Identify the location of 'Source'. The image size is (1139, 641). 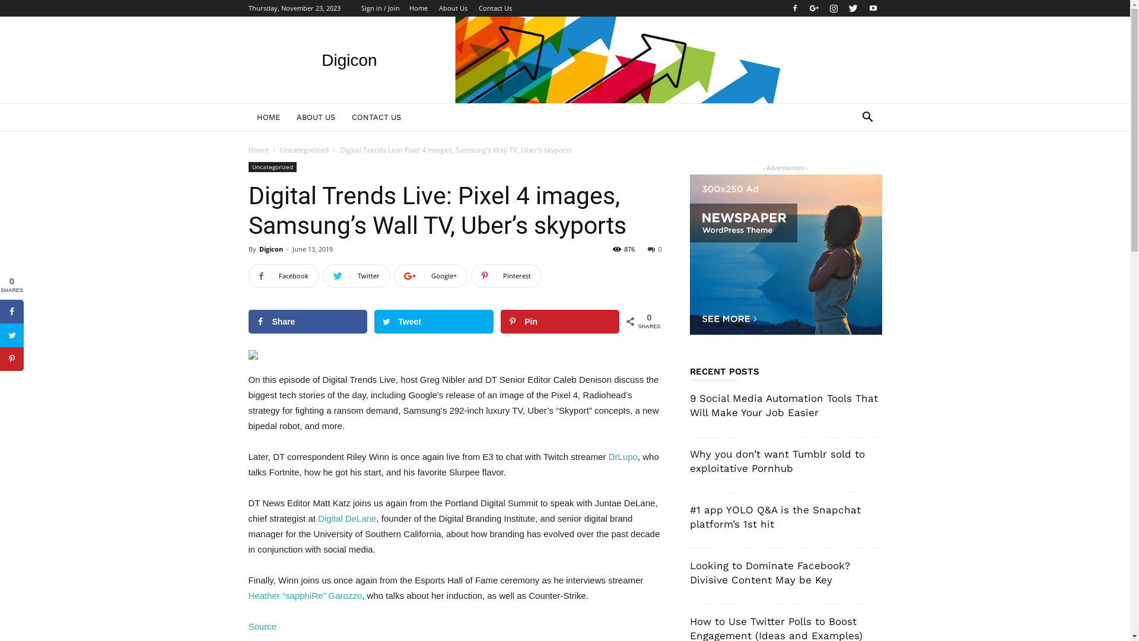
(261, 626).